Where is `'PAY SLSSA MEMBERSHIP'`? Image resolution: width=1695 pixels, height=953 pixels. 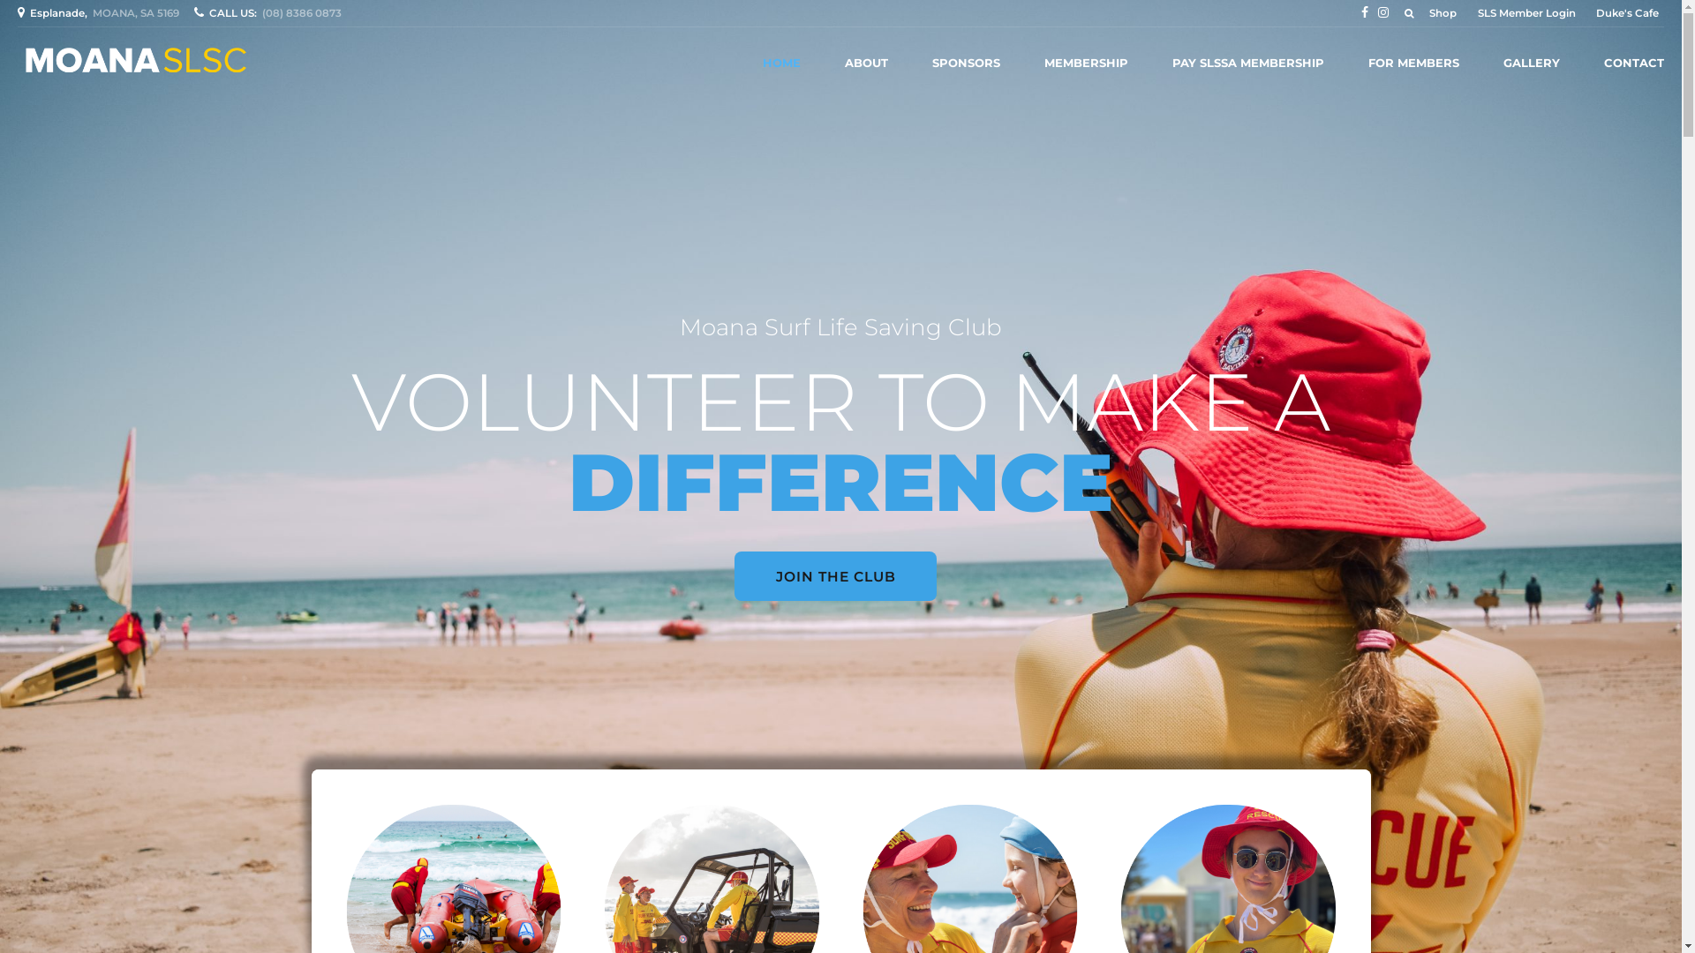
'PAY SLSSA MEMBERSHIP' is located at coordinates (1247, 61).